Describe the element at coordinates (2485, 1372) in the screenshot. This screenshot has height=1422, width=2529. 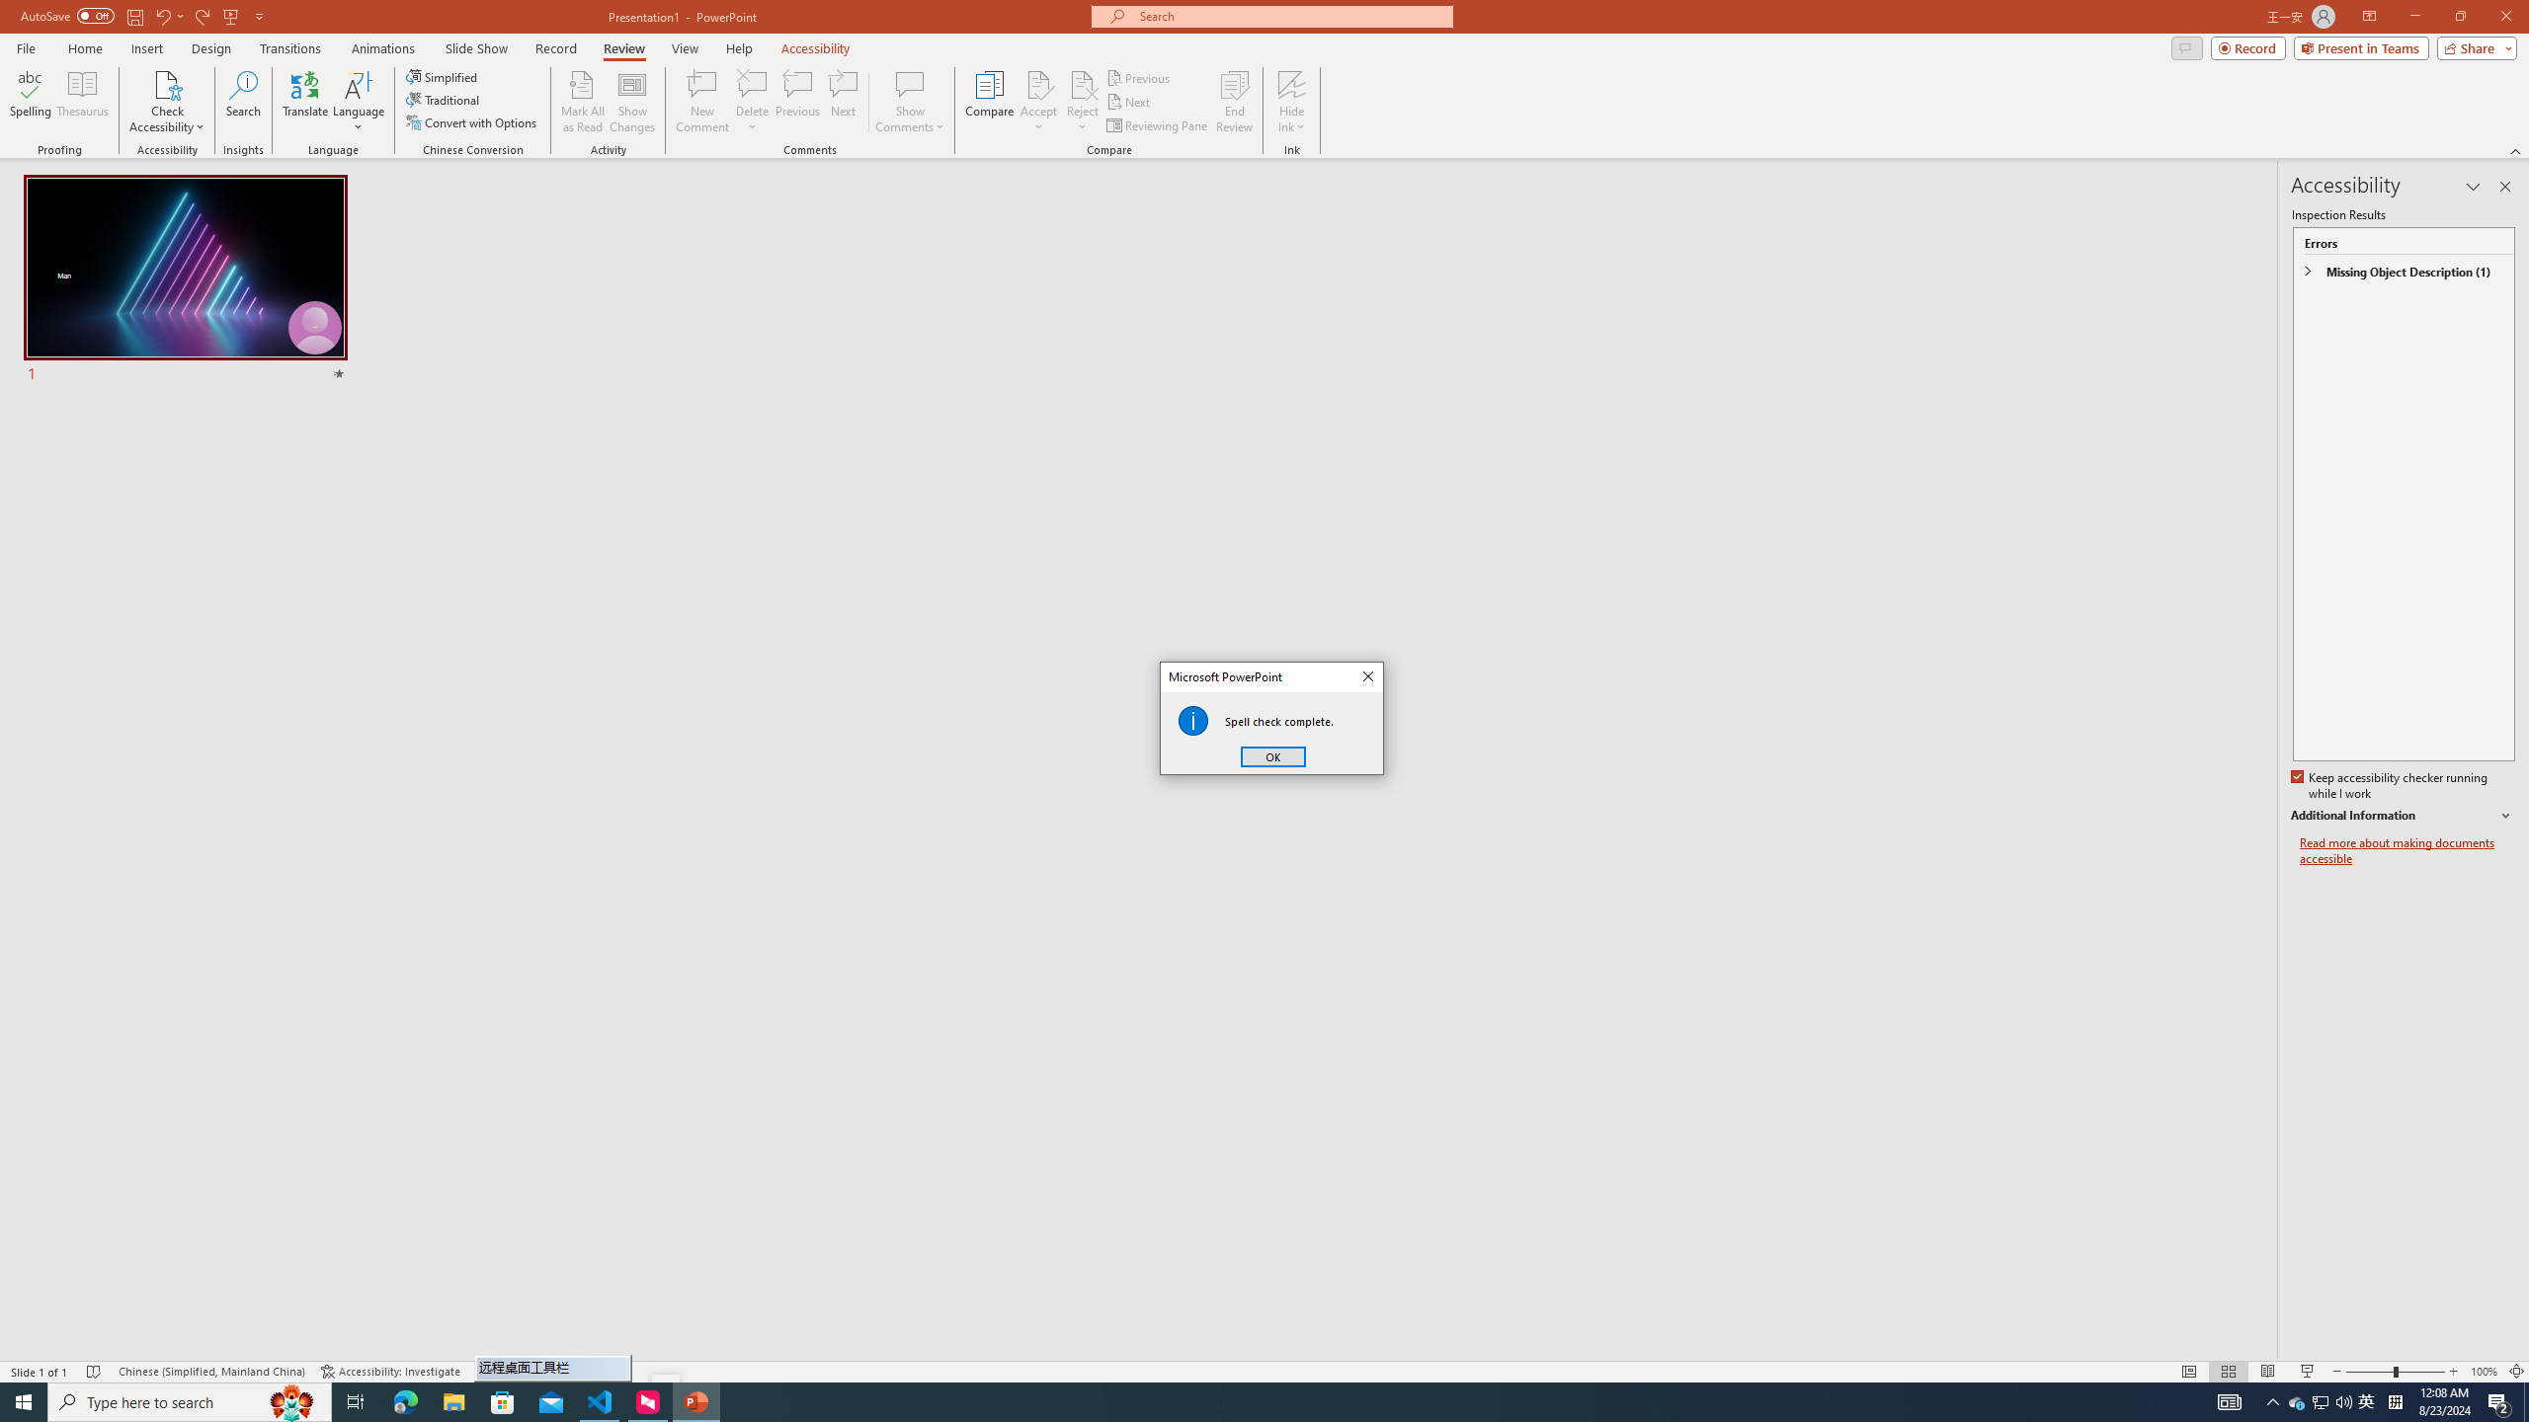
I see `'Zoom 100%'` at that location.